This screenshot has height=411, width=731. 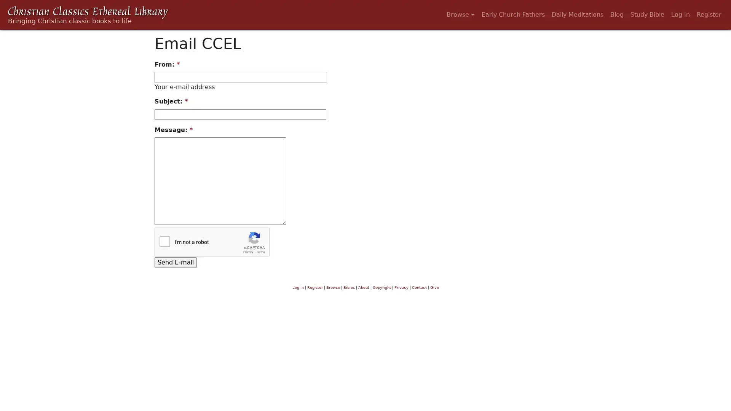 What do you see at coordinates (617, 14) in the screenshot?
I see `Blog` at bounding box center [617, 14].